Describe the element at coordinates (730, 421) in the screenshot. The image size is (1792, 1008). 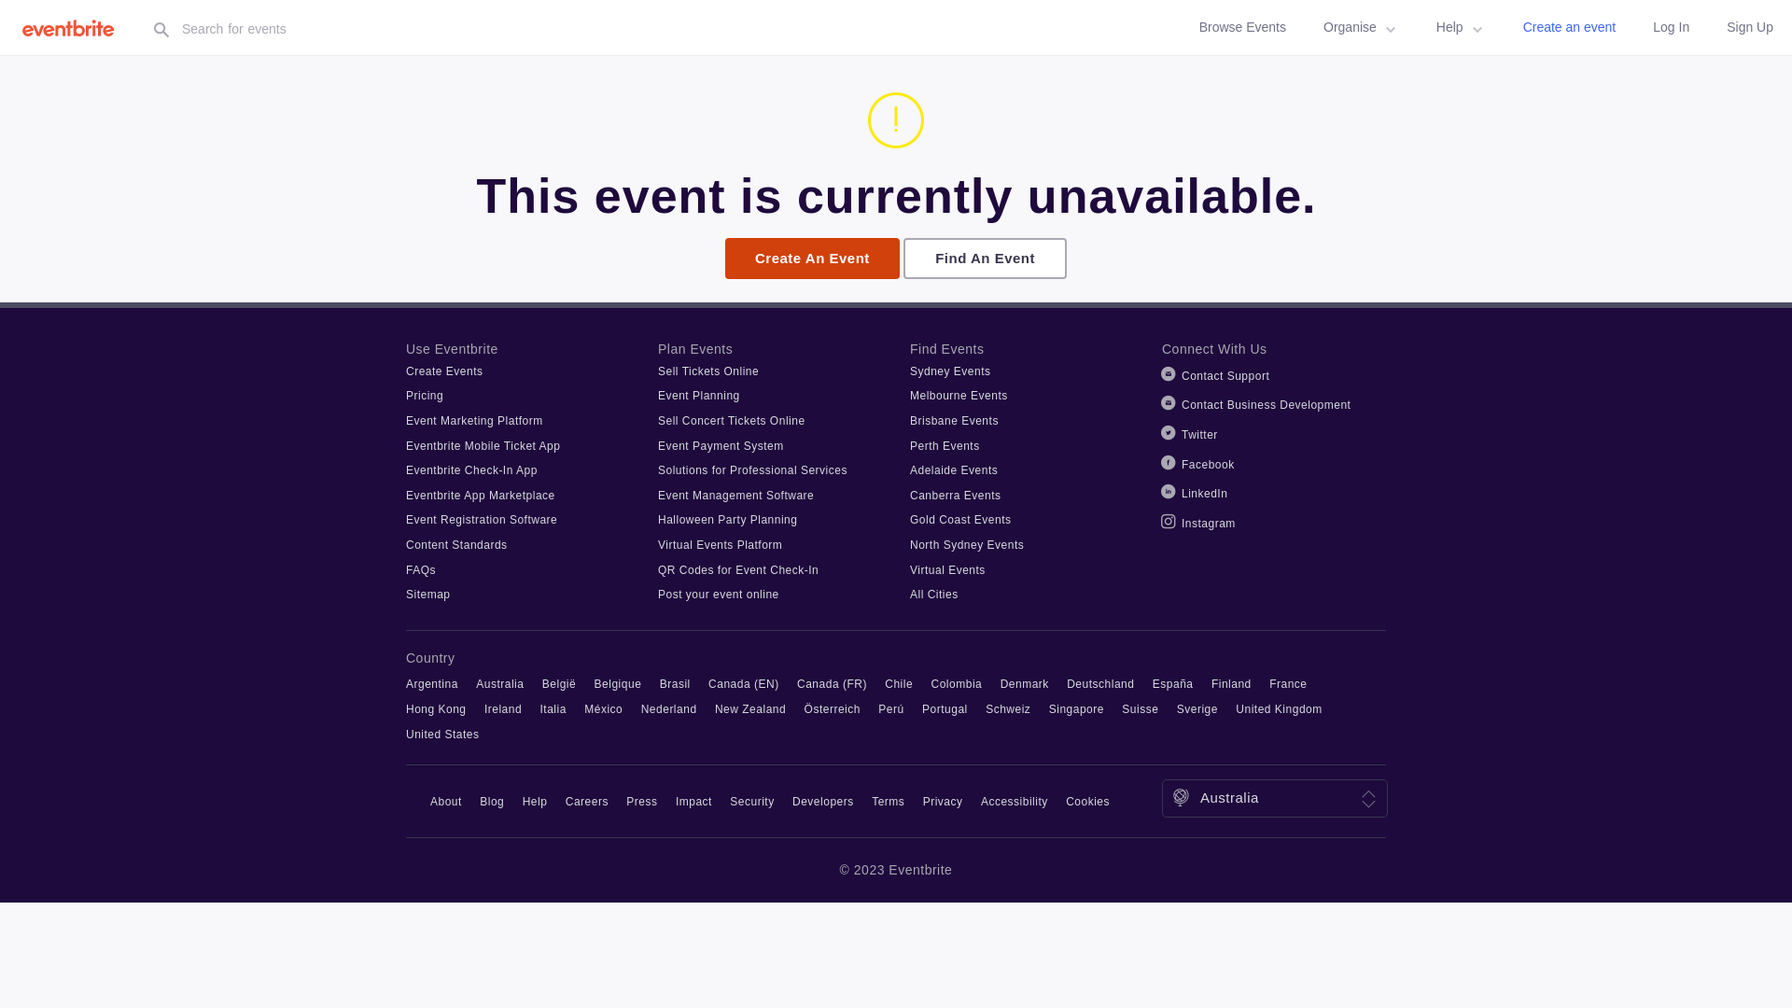
I see `'Sell Concert Tickets Online'` at that location.